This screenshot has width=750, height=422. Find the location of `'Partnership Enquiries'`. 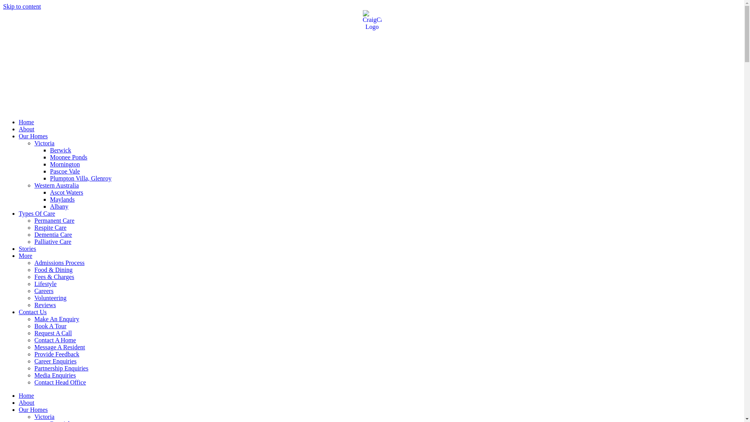

'Partnership Enquiries' is located at coordinates (61, 368).